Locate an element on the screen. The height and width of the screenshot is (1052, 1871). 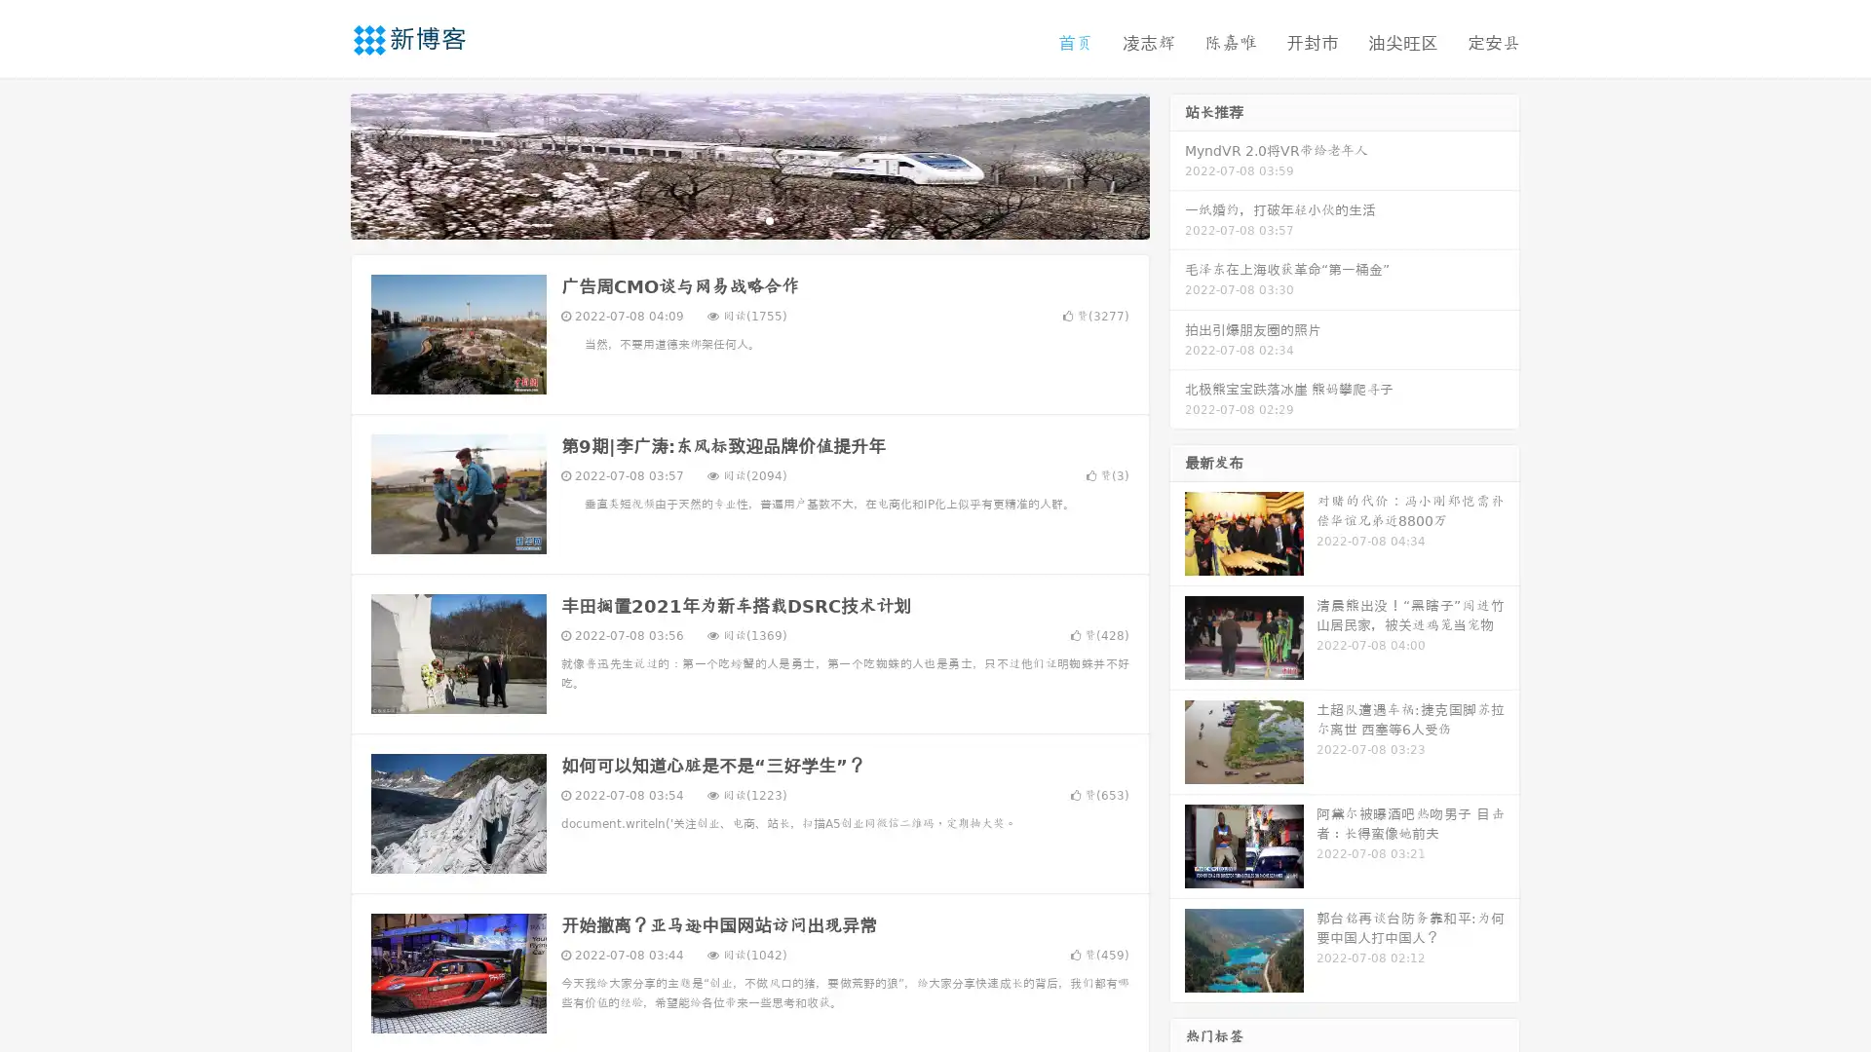
Go to slide 1 is located at coordinates (729, 219).